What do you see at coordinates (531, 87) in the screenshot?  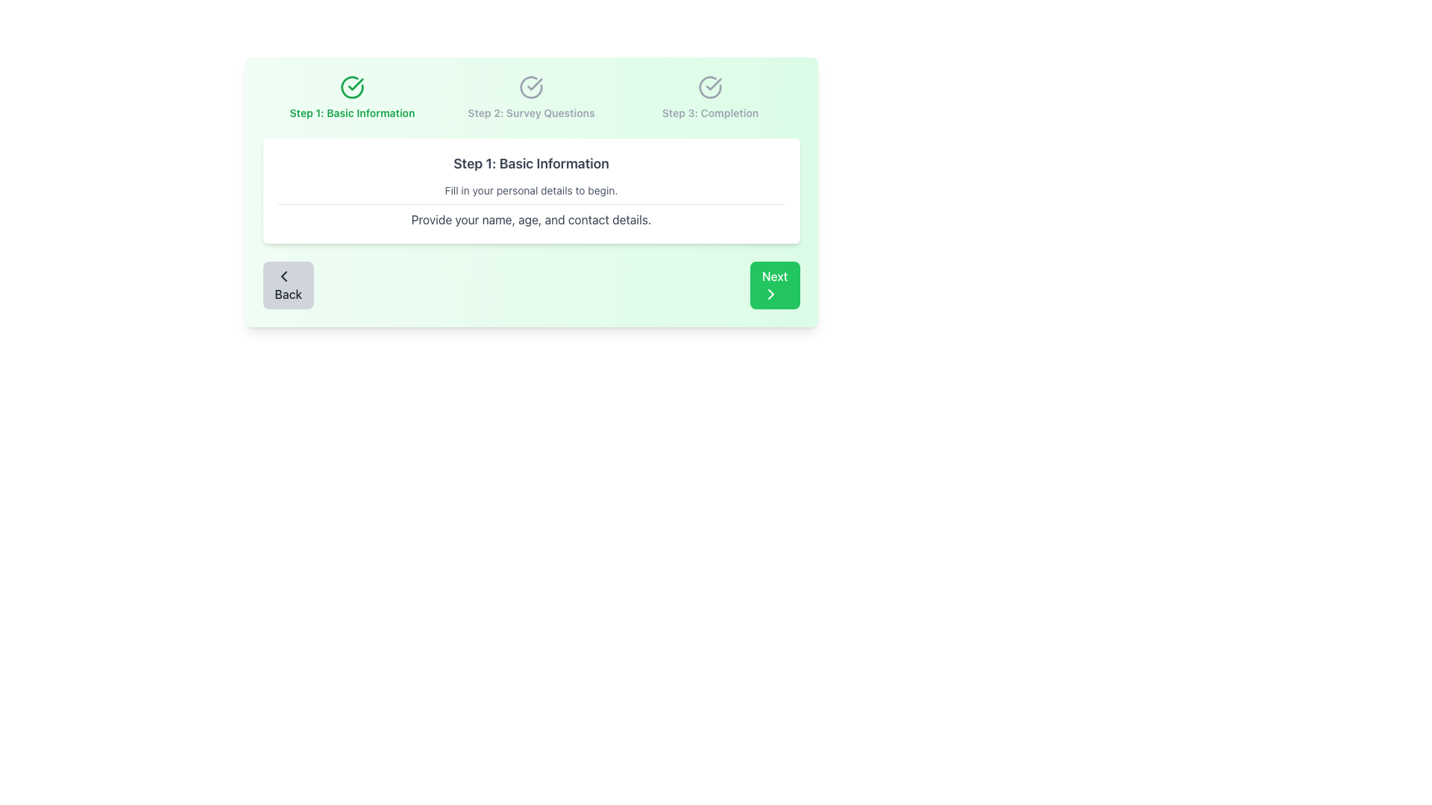 I see `the second graphical element in the SVG icon that indicates progression or completion status` at bounding box center [531, 87].